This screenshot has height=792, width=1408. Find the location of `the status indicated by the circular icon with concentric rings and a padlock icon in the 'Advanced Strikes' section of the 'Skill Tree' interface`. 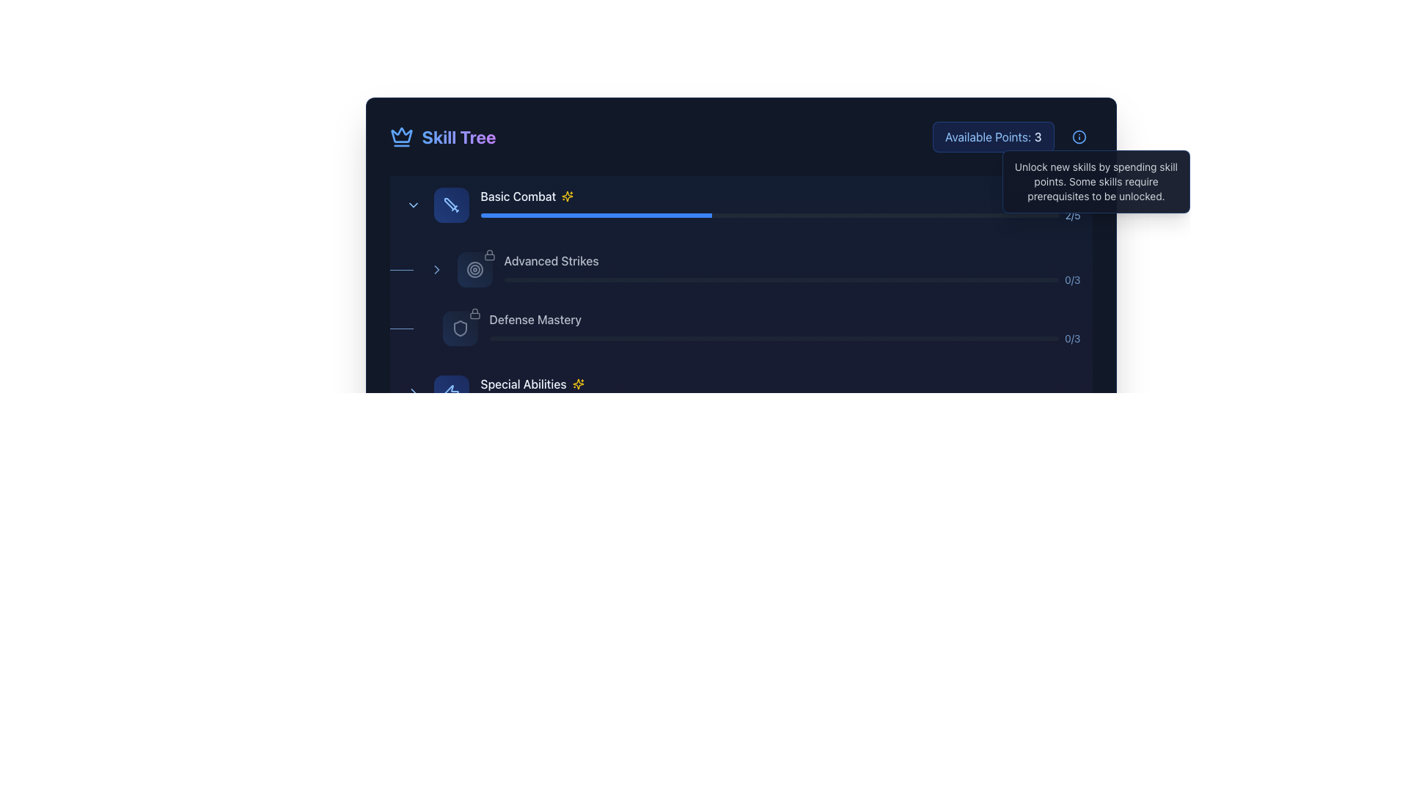

the status indicated by the circular icon with concentric rings and a padlock icon in the 'Advanced Strikes' section of the 'Skill Tree' interface is located at coordinates (474, 269).